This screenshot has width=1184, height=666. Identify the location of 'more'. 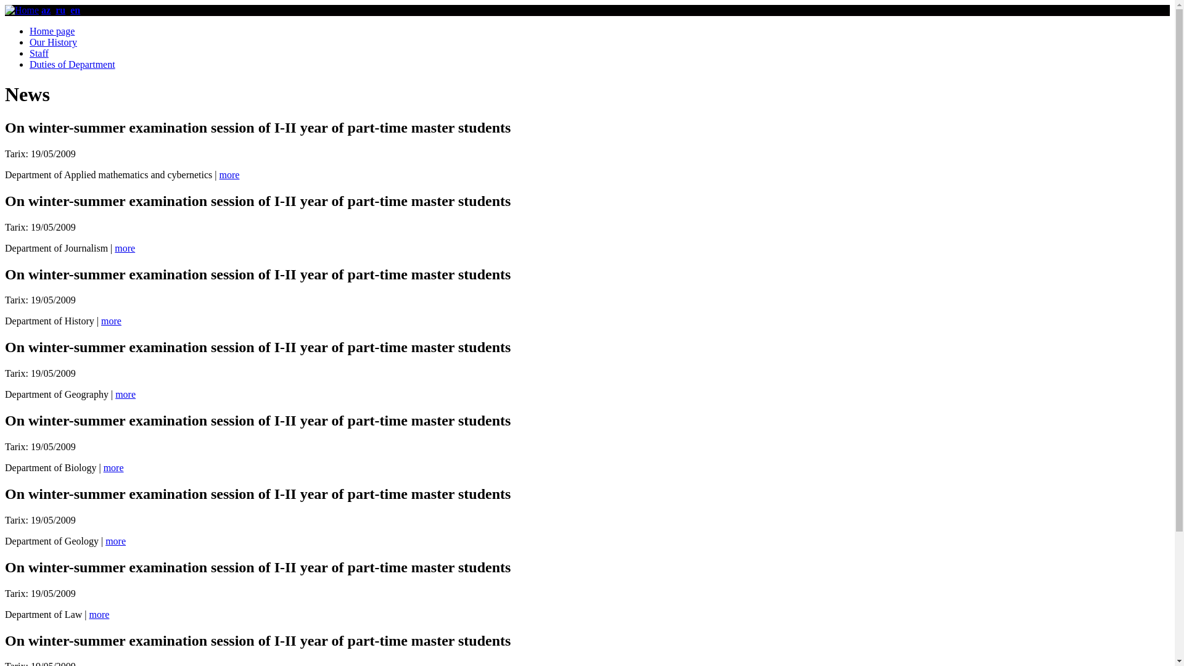
(113, 467).